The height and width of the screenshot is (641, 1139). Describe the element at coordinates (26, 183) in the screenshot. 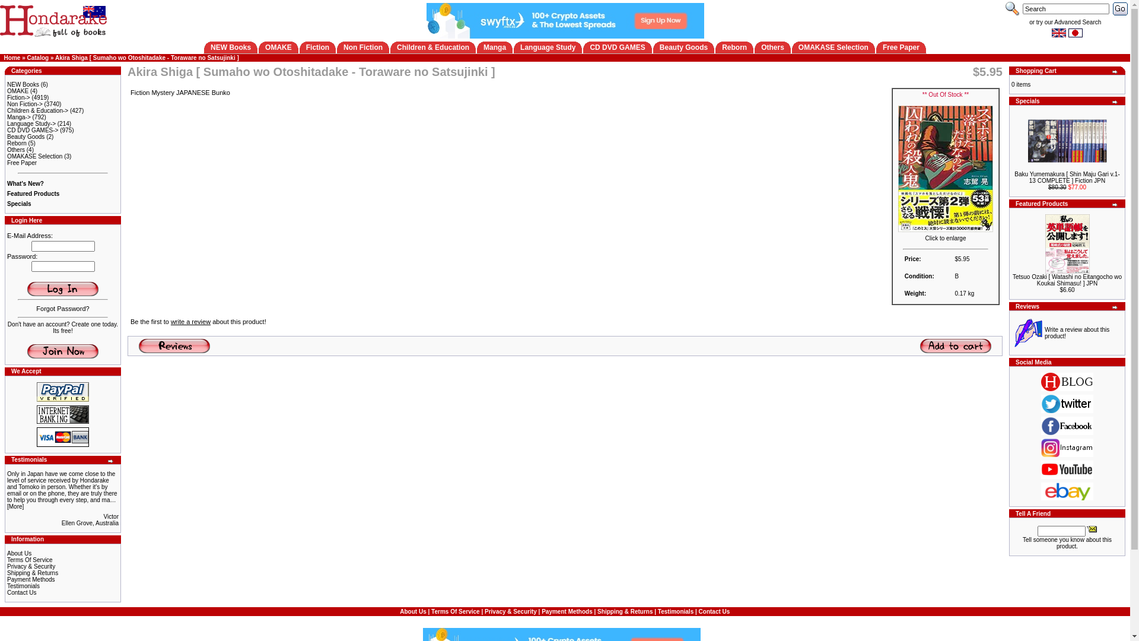

I see `'What's New?'` at that location.